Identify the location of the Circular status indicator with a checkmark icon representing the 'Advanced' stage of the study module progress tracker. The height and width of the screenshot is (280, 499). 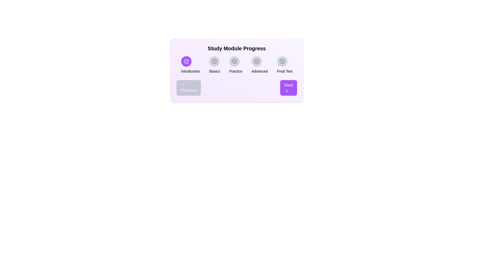
(257, 61).